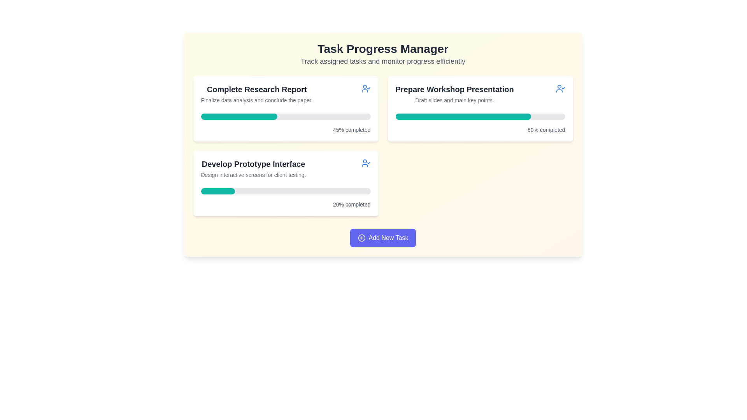 This screenshot has width=747, height=420. I want to click on task description from the text content block that displays 'Develop Prototype Interface' and 'Design interactive screens for client testing.', so click(253, 168).